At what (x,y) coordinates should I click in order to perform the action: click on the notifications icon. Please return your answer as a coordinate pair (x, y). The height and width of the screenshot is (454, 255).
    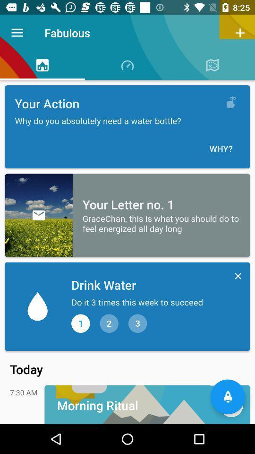
    Looking at the image, I should click on (227, 397).